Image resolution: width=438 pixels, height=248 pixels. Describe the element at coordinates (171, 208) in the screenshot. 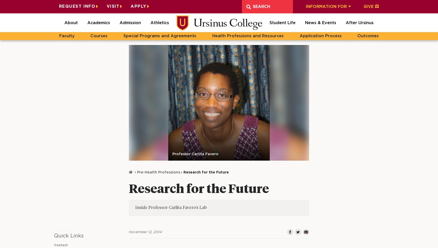

I see `'Inside Professor Carlita Favero’s Lab'` at that location.